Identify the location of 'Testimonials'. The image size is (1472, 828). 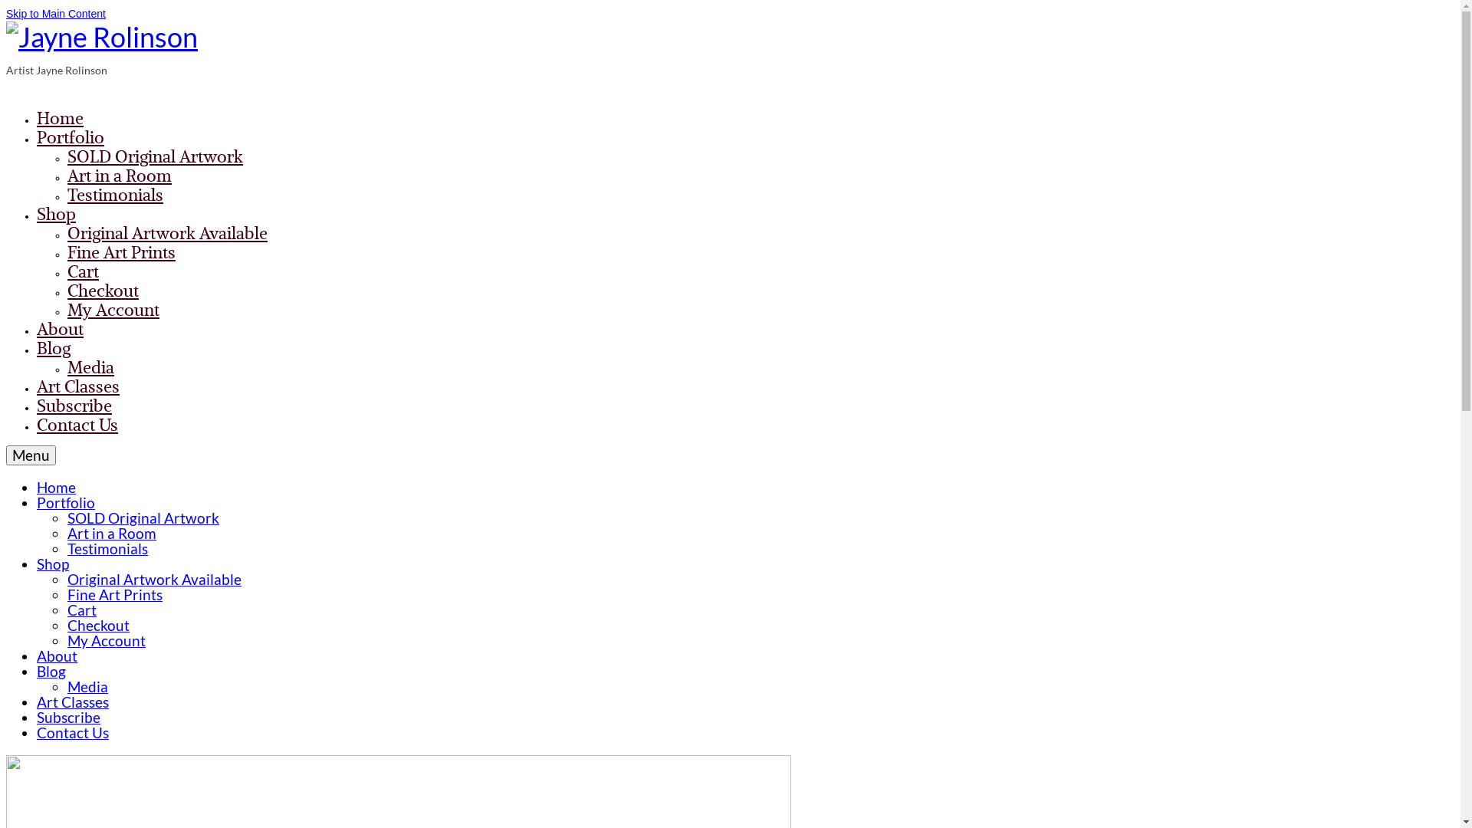
(107, 547).